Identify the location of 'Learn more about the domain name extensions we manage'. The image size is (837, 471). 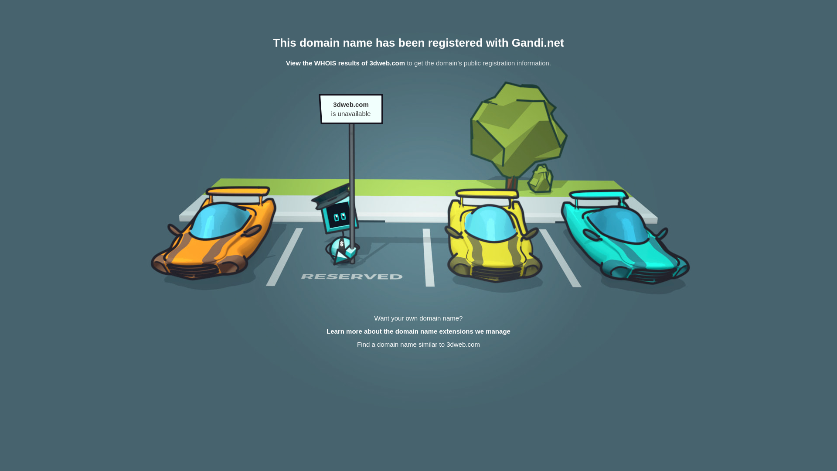
(418, 331).